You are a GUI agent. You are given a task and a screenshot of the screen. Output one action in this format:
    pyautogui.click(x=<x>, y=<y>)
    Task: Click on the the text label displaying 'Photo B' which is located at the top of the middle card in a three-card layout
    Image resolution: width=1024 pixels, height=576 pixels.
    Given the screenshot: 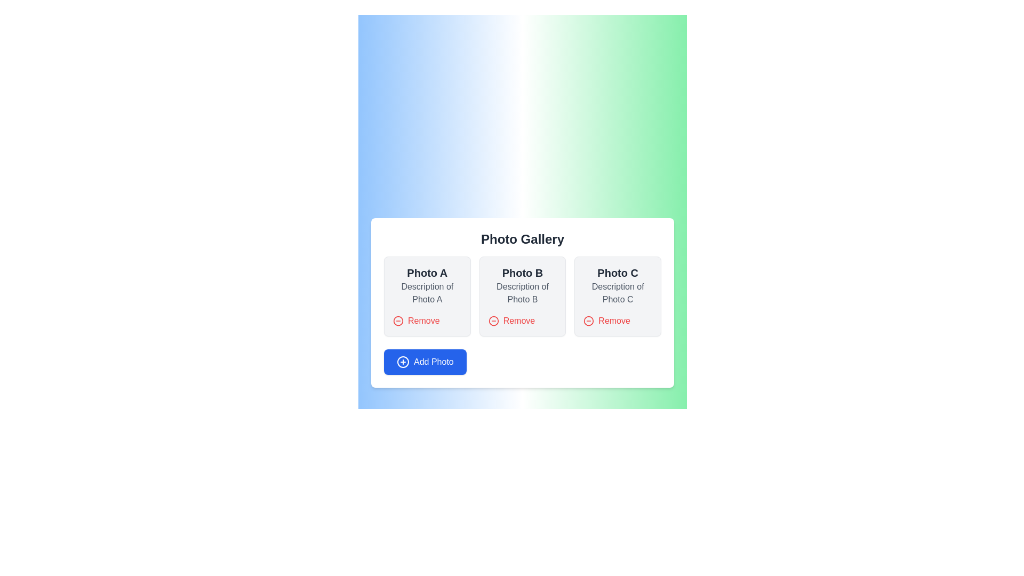 What is the action you would take?
    pyautogui.click(x=522, y=273)
    